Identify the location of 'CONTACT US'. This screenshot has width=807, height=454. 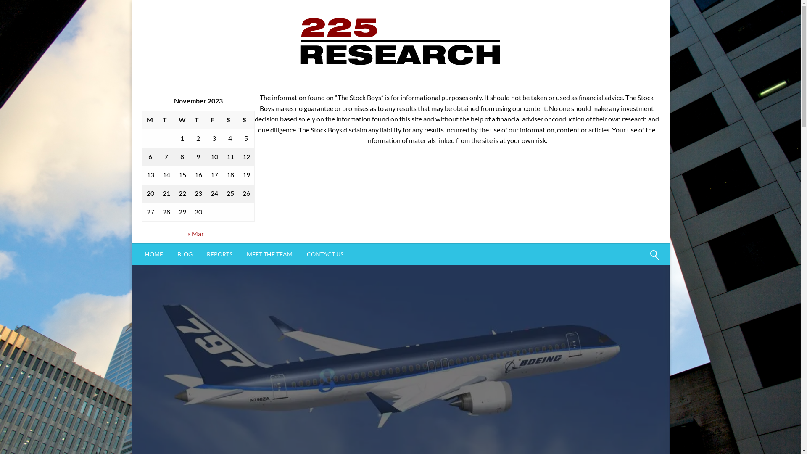
(324, 254).